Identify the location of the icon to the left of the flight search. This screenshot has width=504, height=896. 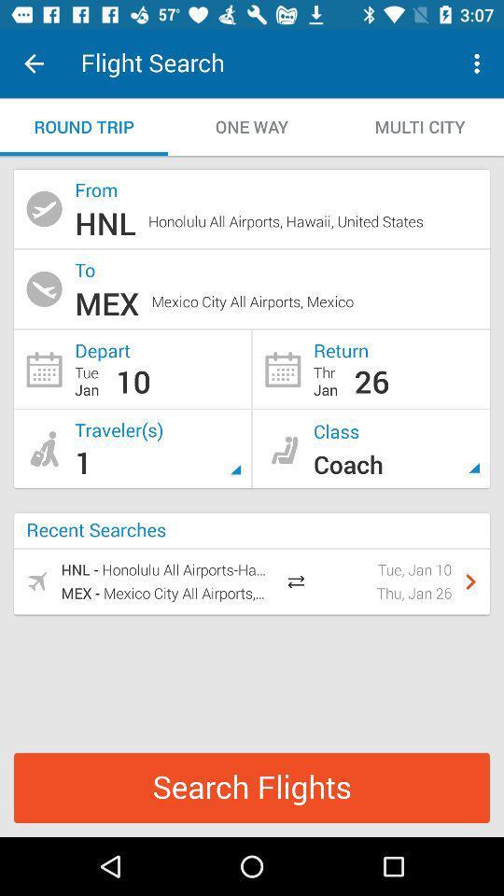
(34, 63).